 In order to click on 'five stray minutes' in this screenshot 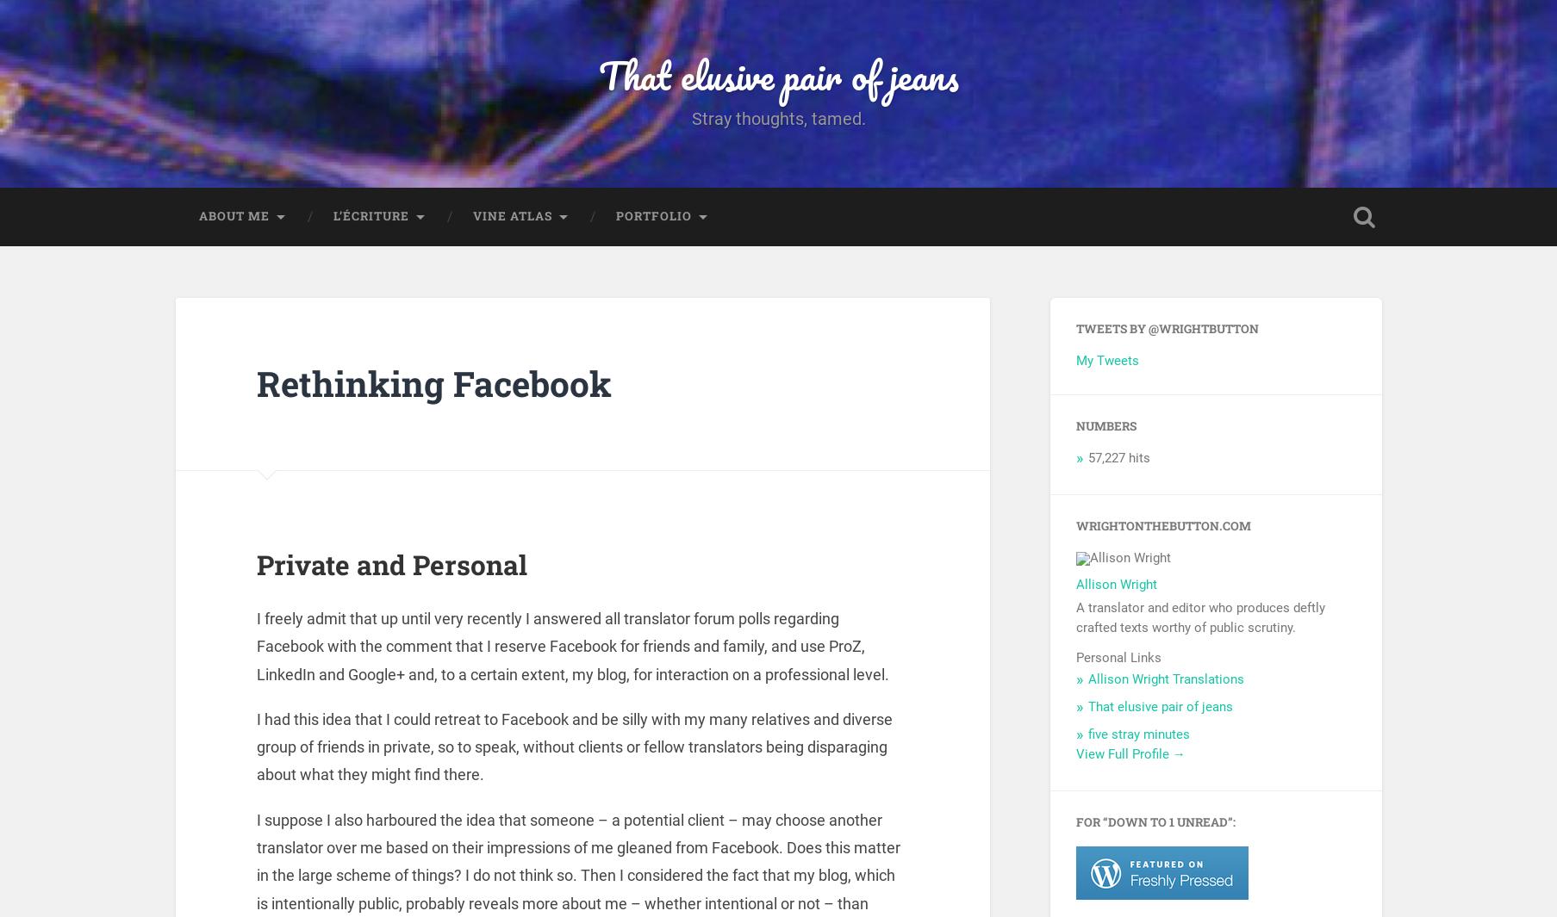, I will do `click(1137, 738)`.